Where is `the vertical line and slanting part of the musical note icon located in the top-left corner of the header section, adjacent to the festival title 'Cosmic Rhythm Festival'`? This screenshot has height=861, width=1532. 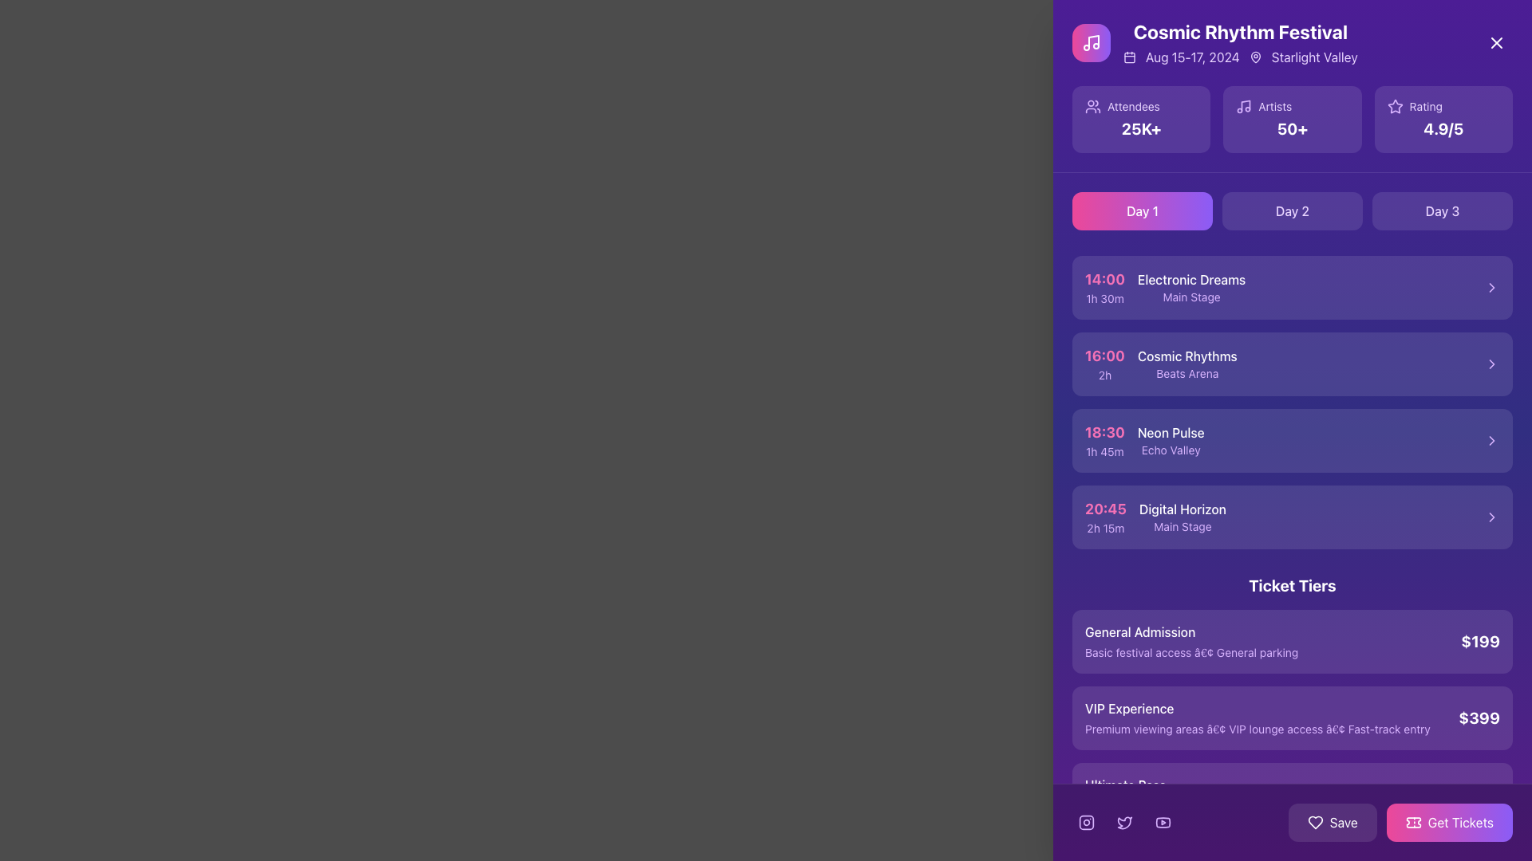 the vertical line and slanting part of the musical note icon located in the top-left corner of the header section, adjacent to the festival title 'Cosmic Rhythm Festival' is located at coordinates (1093, 41).